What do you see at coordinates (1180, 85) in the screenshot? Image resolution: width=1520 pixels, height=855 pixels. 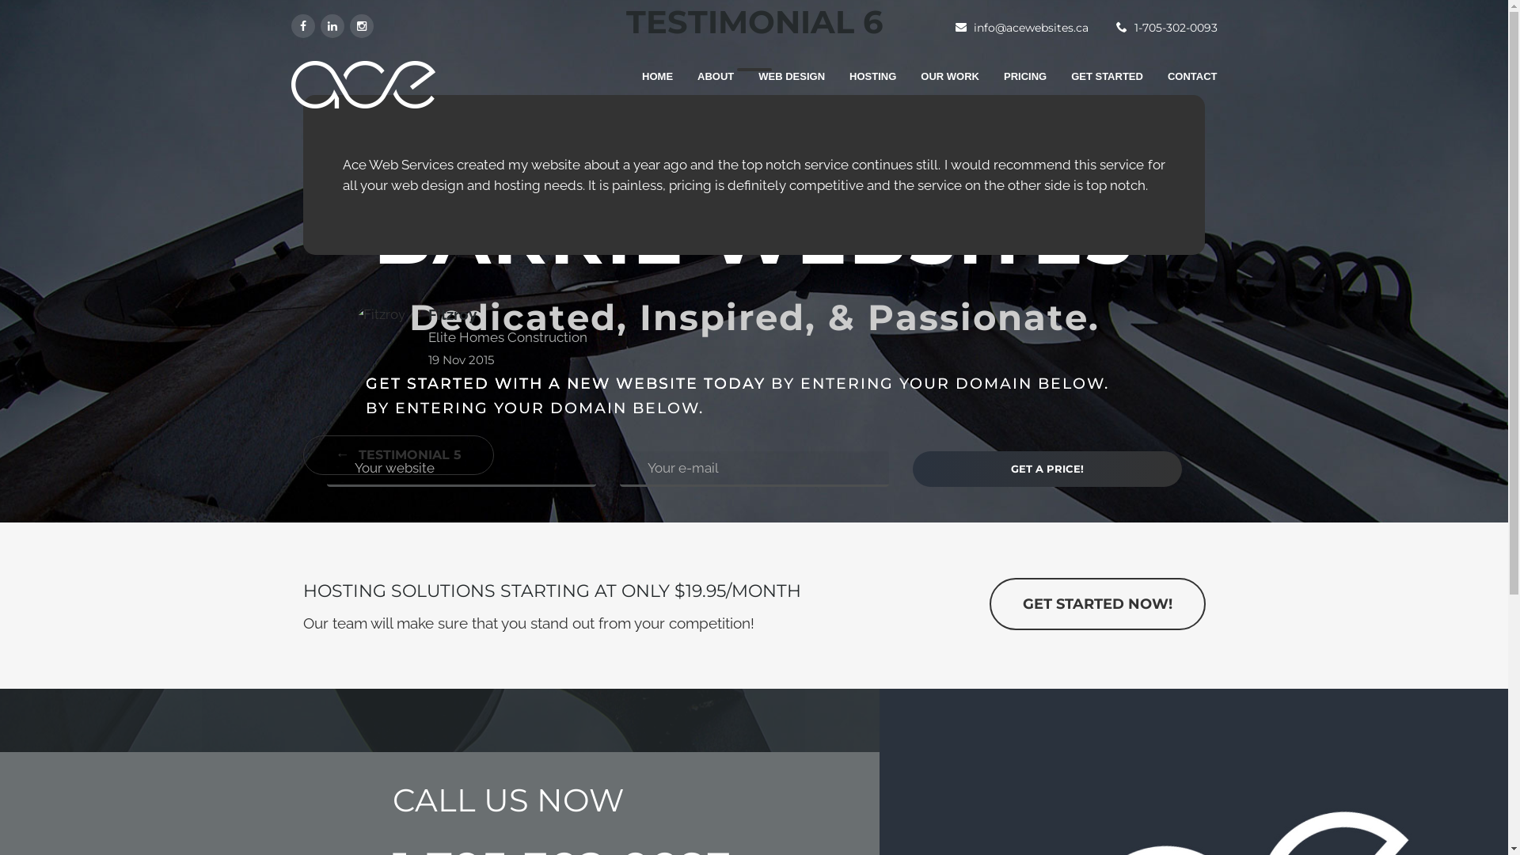 I see `'CONTACT'` at bounding box center [1180, 85].